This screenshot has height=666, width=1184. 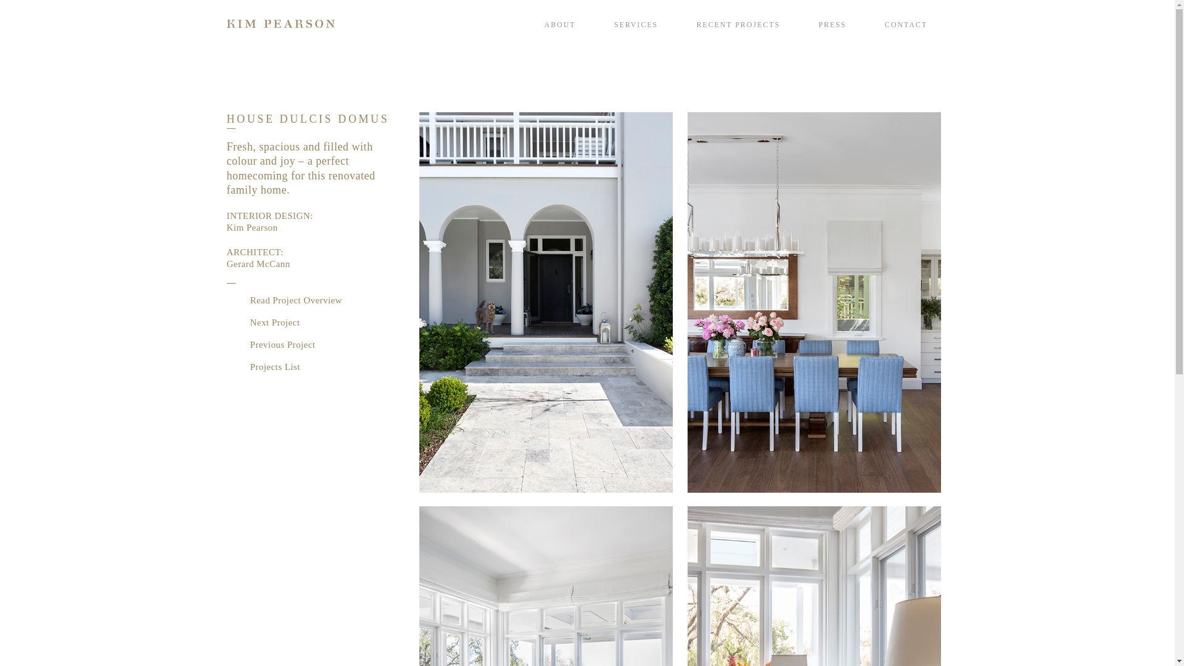 I want to click on 'CONTACT', so click(x=906, y=24).